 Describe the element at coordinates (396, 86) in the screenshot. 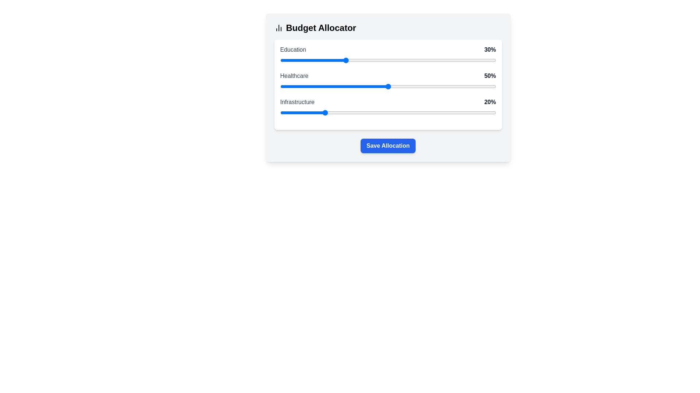

I see `the healthcare allocation slider` at that location.